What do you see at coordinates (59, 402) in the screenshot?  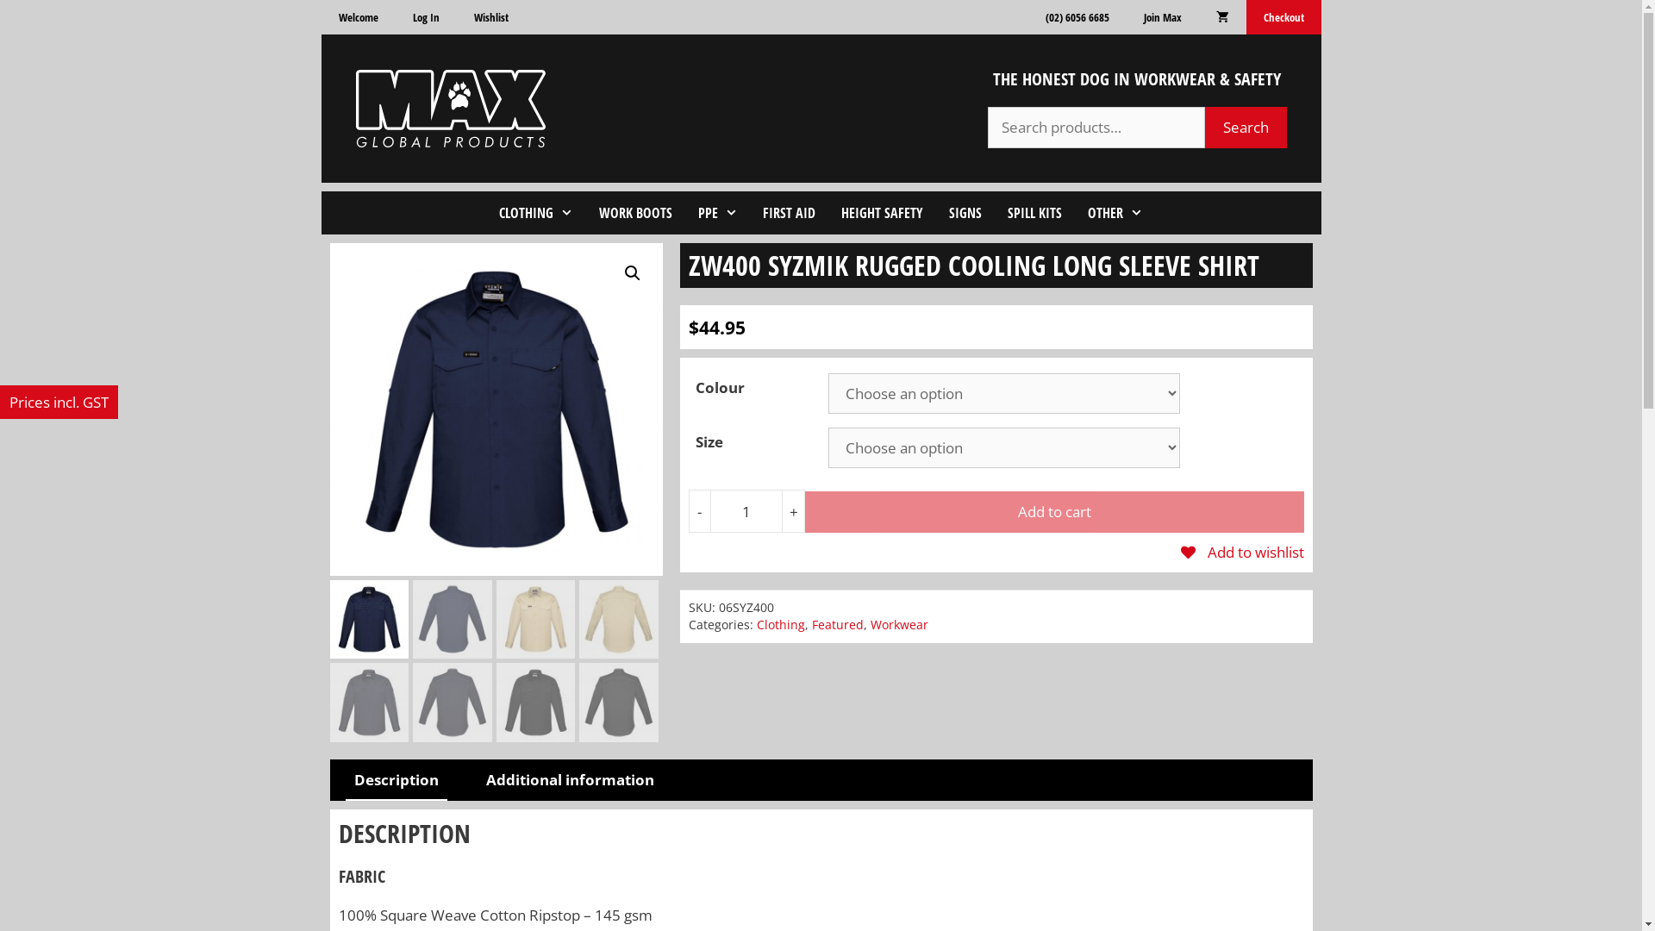 I see `'Prices incl. GST'` at bounding box center [59, 402].